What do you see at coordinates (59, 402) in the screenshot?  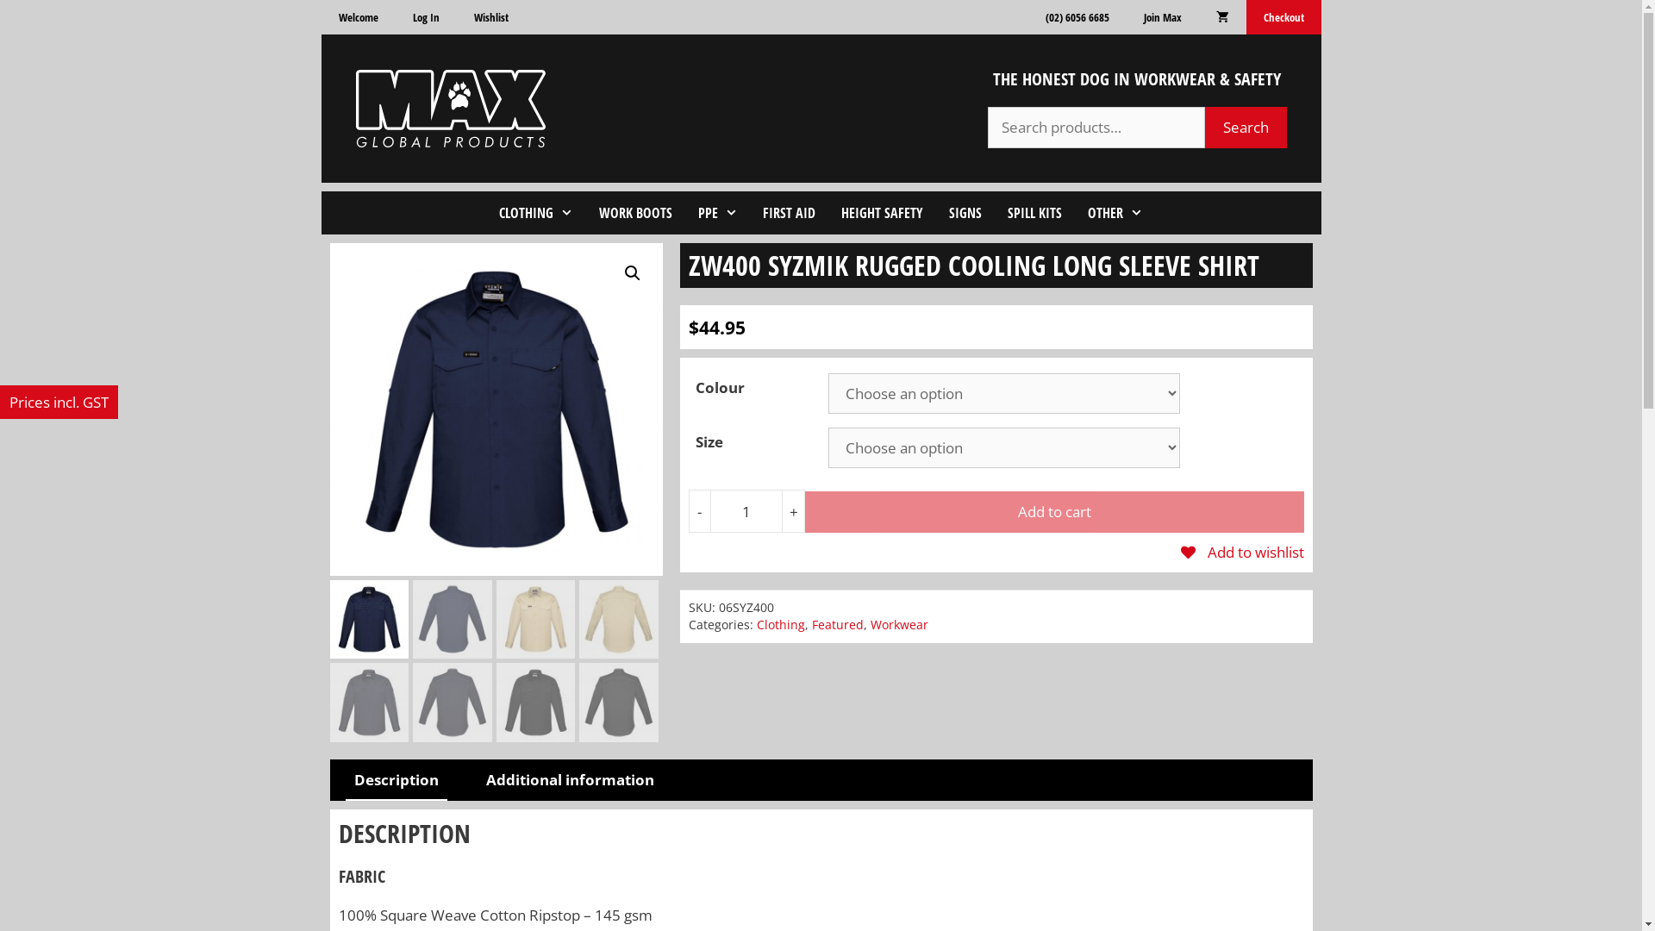 I see `'Prices incl. GST'` at bounding box center [59, 402].